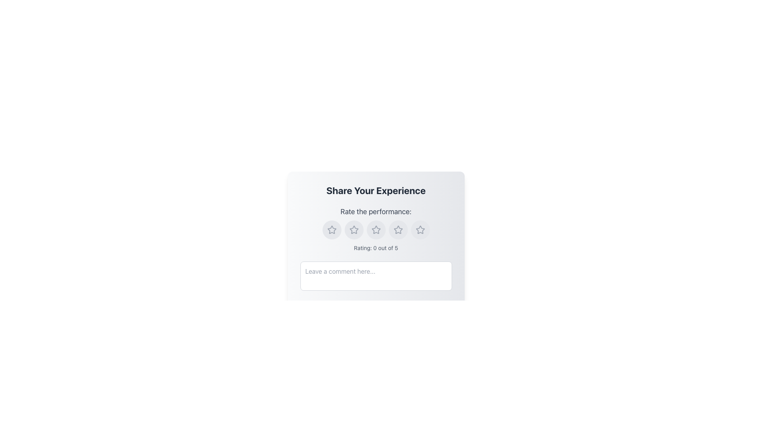 The width and height of the screenshot is (758, 426). I want to click on the fifth star in the 5-star rating system, so click(420, 230).